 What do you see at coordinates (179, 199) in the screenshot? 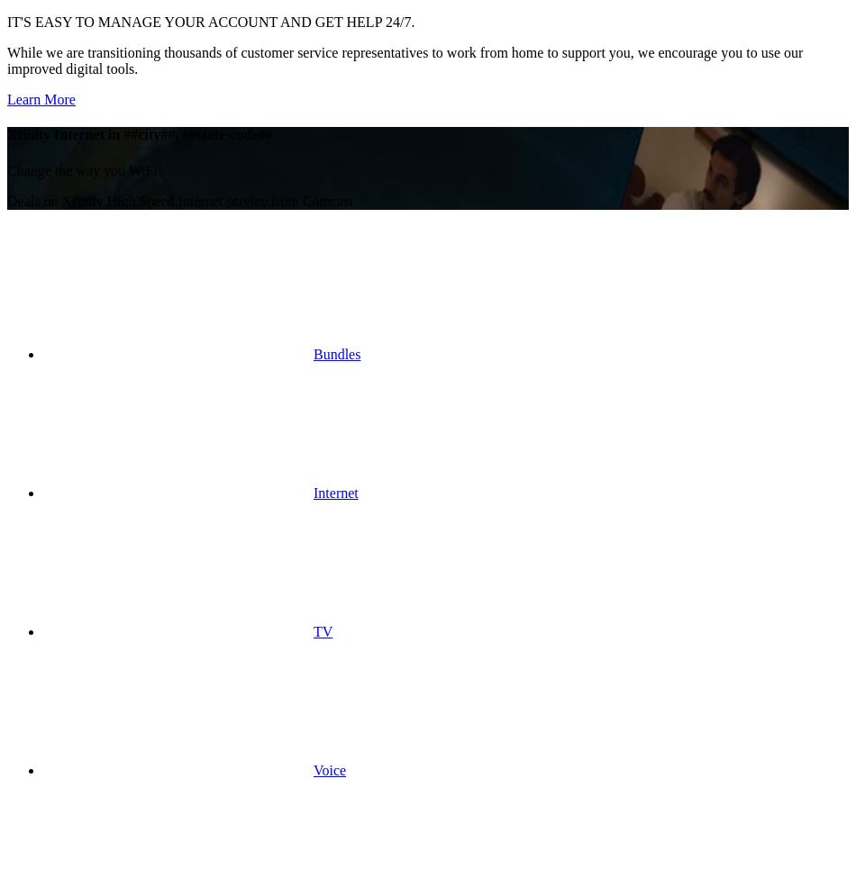
I see `'Deals on Xfinity High Speed Internet service from Comcast'` at bounding box center [179, 199].